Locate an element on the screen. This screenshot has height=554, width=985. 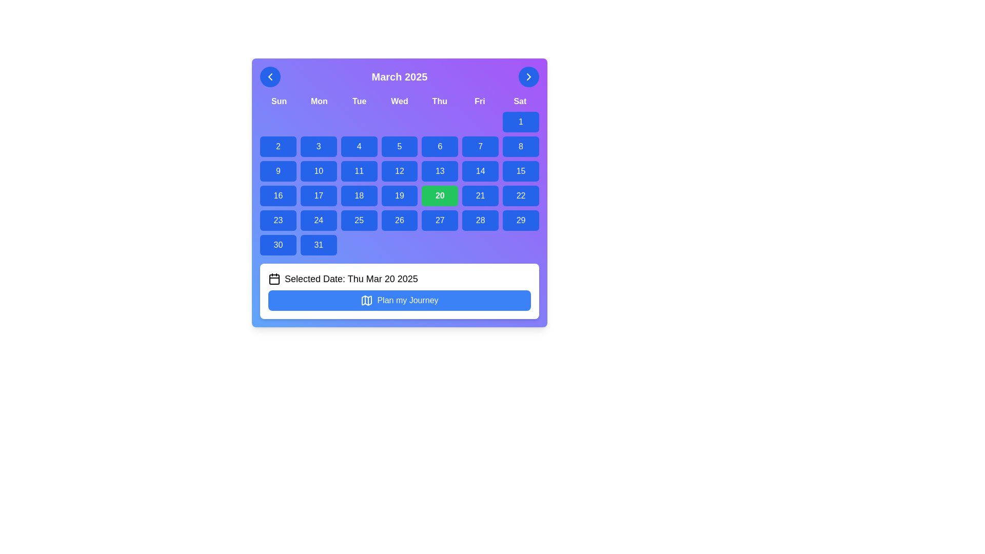
the date selector button for the 20th day in the March 2025 calendar interface is located at coordinates (440, 195).